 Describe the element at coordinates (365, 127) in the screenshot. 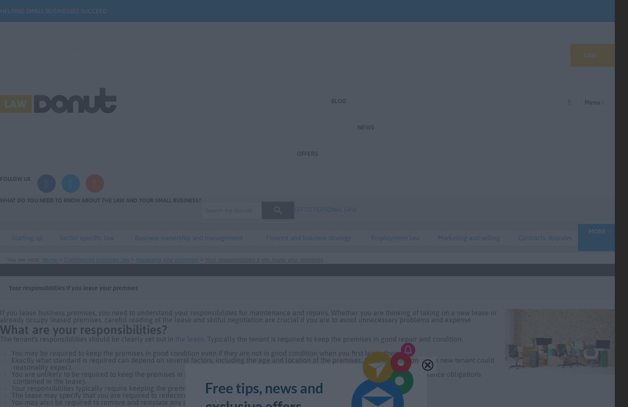

I see `'News'` at that location.